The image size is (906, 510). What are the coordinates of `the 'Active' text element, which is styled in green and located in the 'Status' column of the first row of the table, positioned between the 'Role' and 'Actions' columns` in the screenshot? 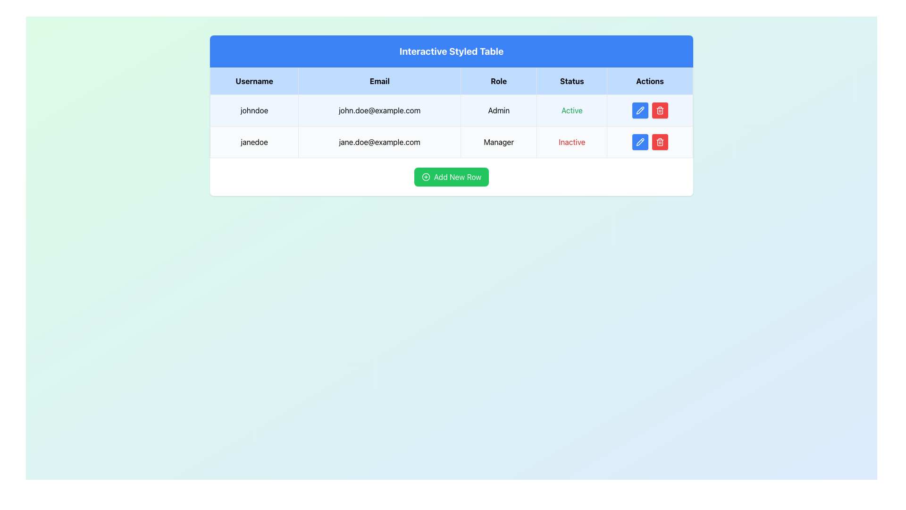 It's located at (571, 110).